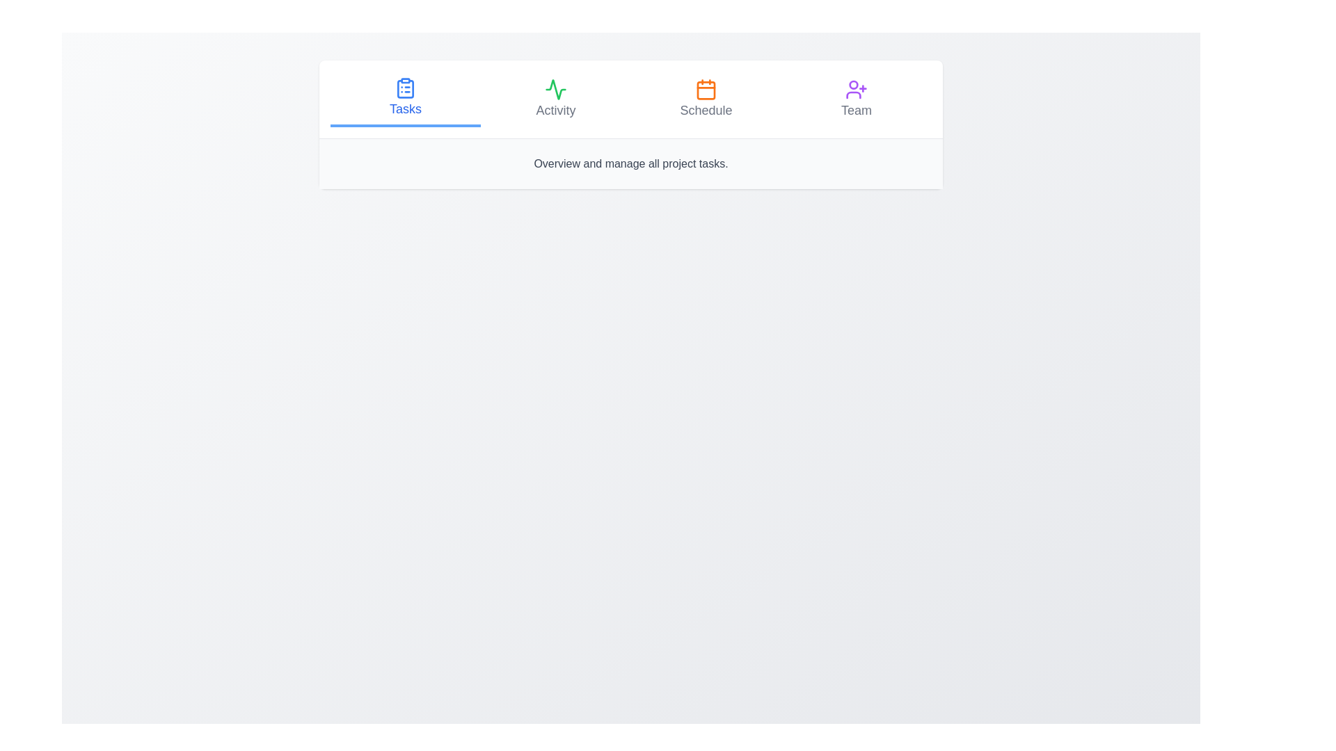 Image resolution: width=1336 pixels, height=751 pixels. Describe the element at coordinates (555, 98) in the screenshot. I see `the Activity tab` at that location.